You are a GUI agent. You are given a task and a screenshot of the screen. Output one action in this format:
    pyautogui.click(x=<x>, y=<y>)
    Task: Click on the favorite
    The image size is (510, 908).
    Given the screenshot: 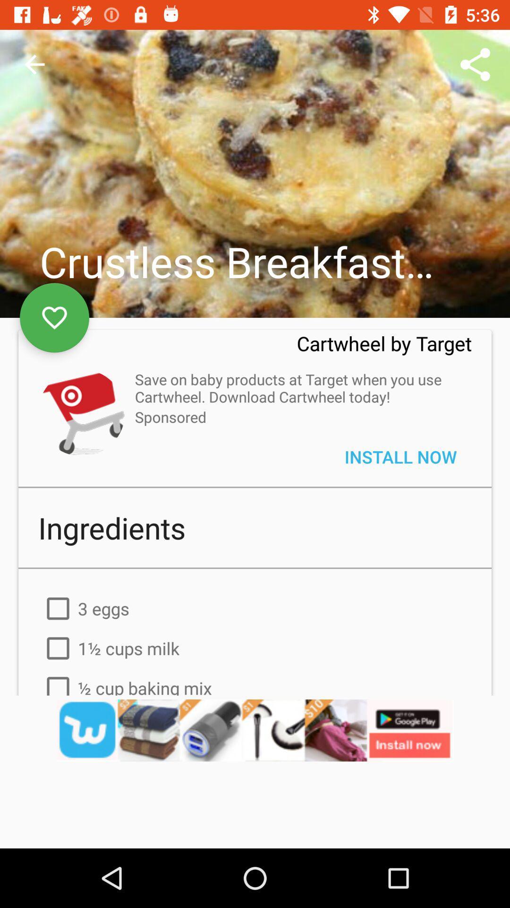 What is the action you would take?
    pyautogui.click(x=54, y=318)
    